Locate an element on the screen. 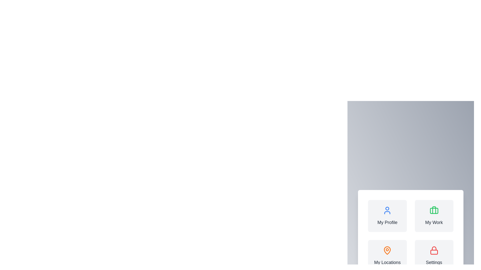 This screenshot has width=481, height=270. the 'My Work' Text Label located under the briefcase icon in the second column of the grid structure is located at coordinates (434, 222).